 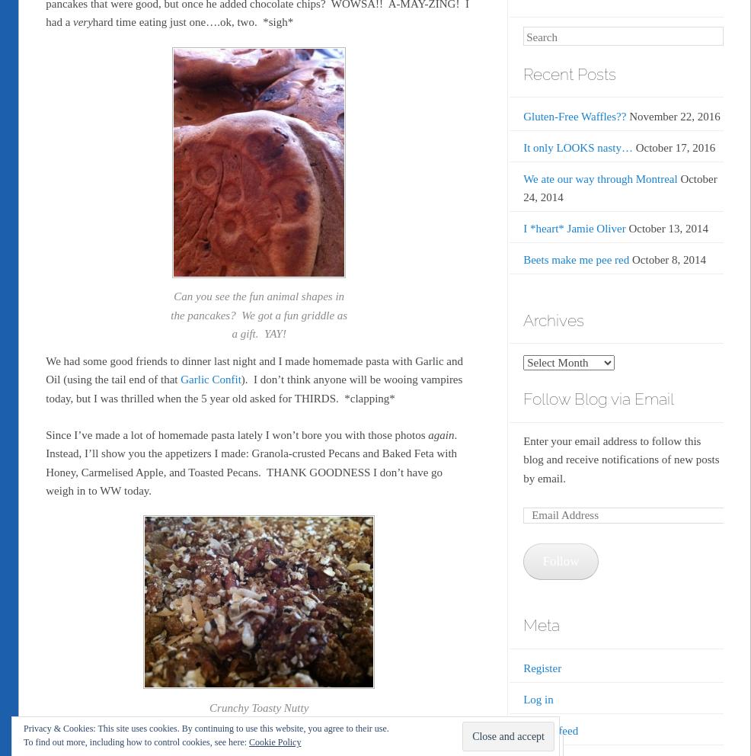 What do you see at coordinates (135, 742) in the screenshot?
I see `'To find out more, including how to control cookies, see here:'` at bounding box center [135, 742].